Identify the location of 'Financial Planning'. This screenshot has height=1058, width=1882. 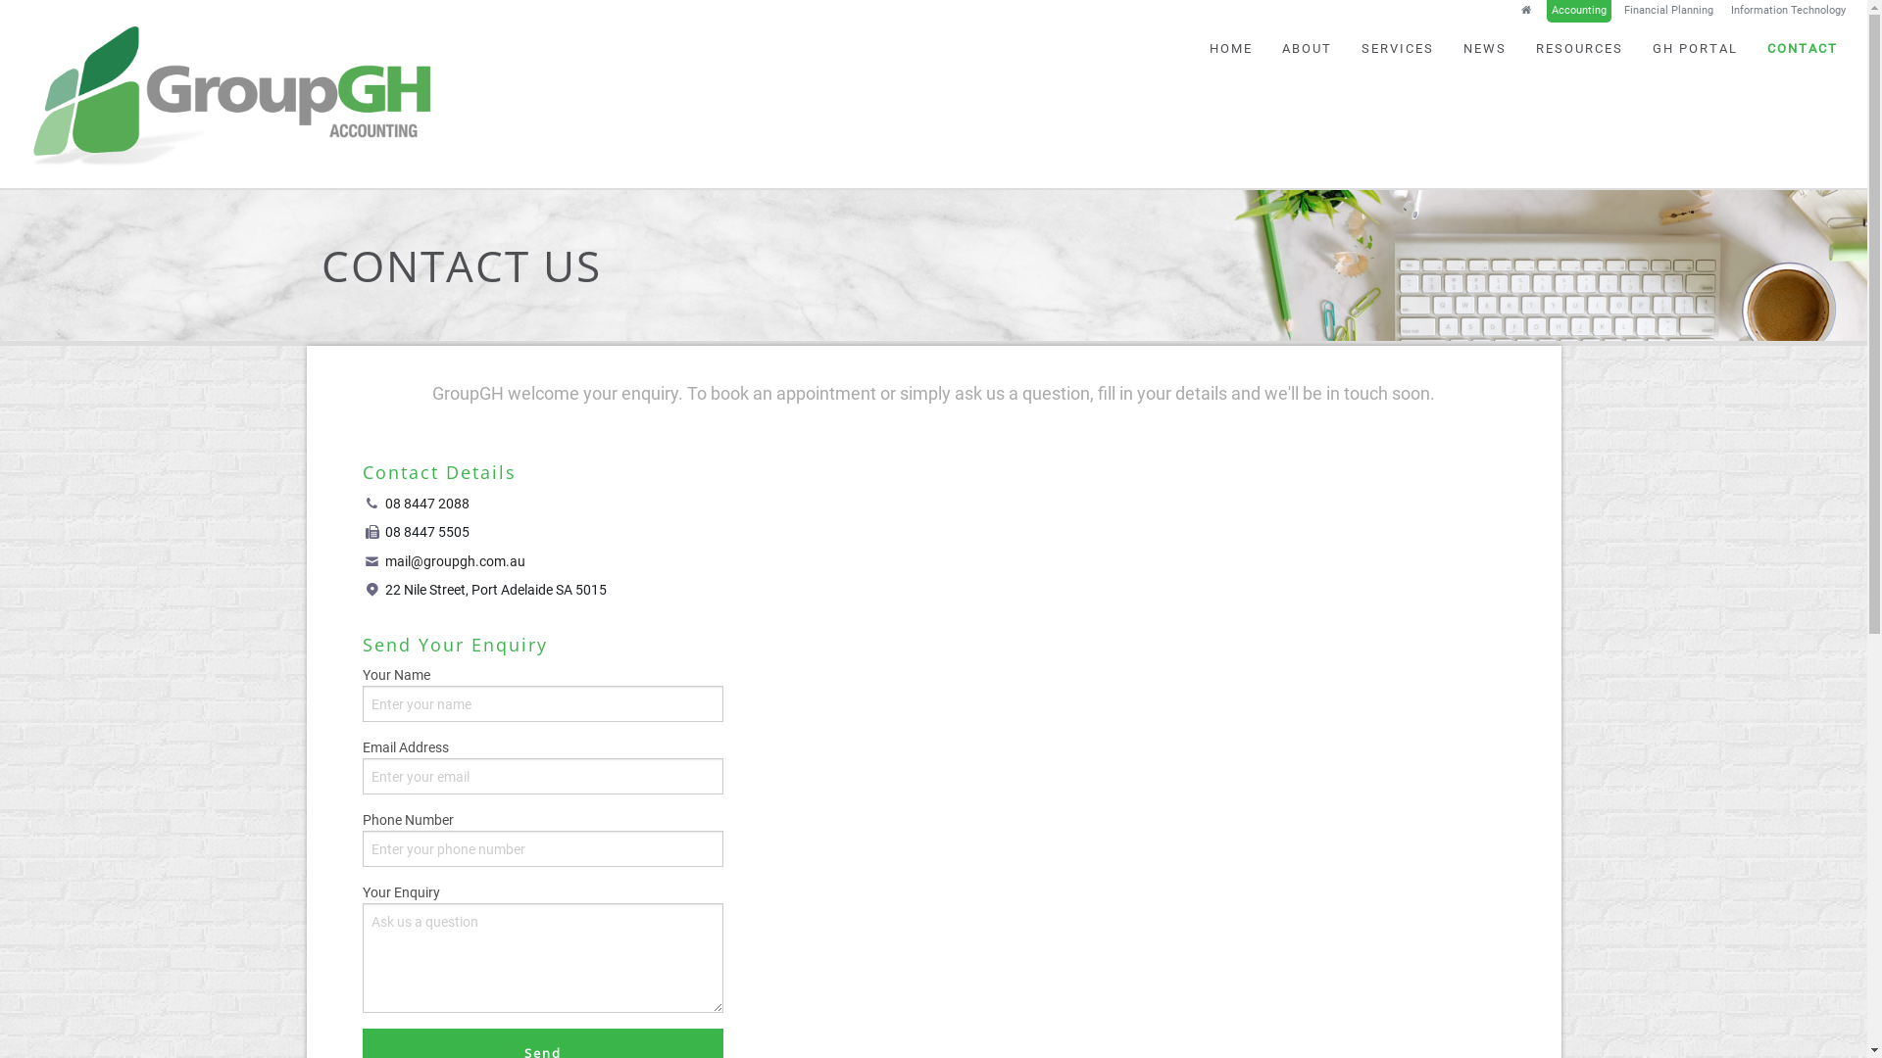
(1667, 11).